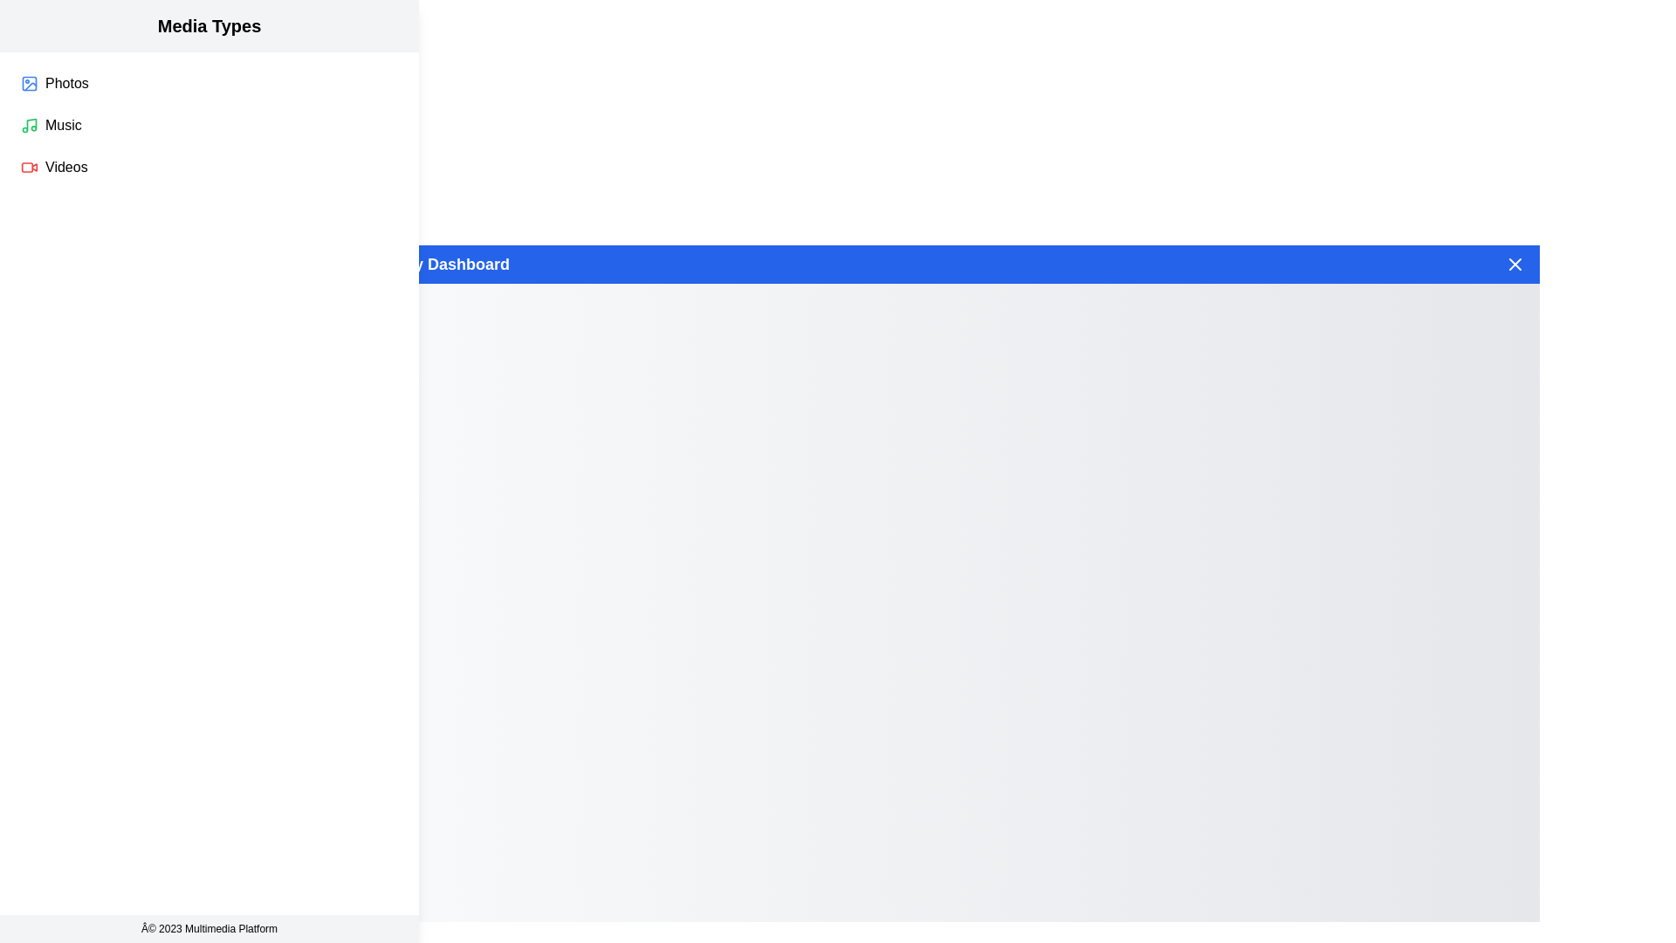 This screenshot has width=1676, height=943. Describe the element at coordinates (1515, 265) in the screenshot. I see `the close button icon located in the top-right corner of the blue header bar, which serves as a graphical indicator for dismissing the interface` at that location.